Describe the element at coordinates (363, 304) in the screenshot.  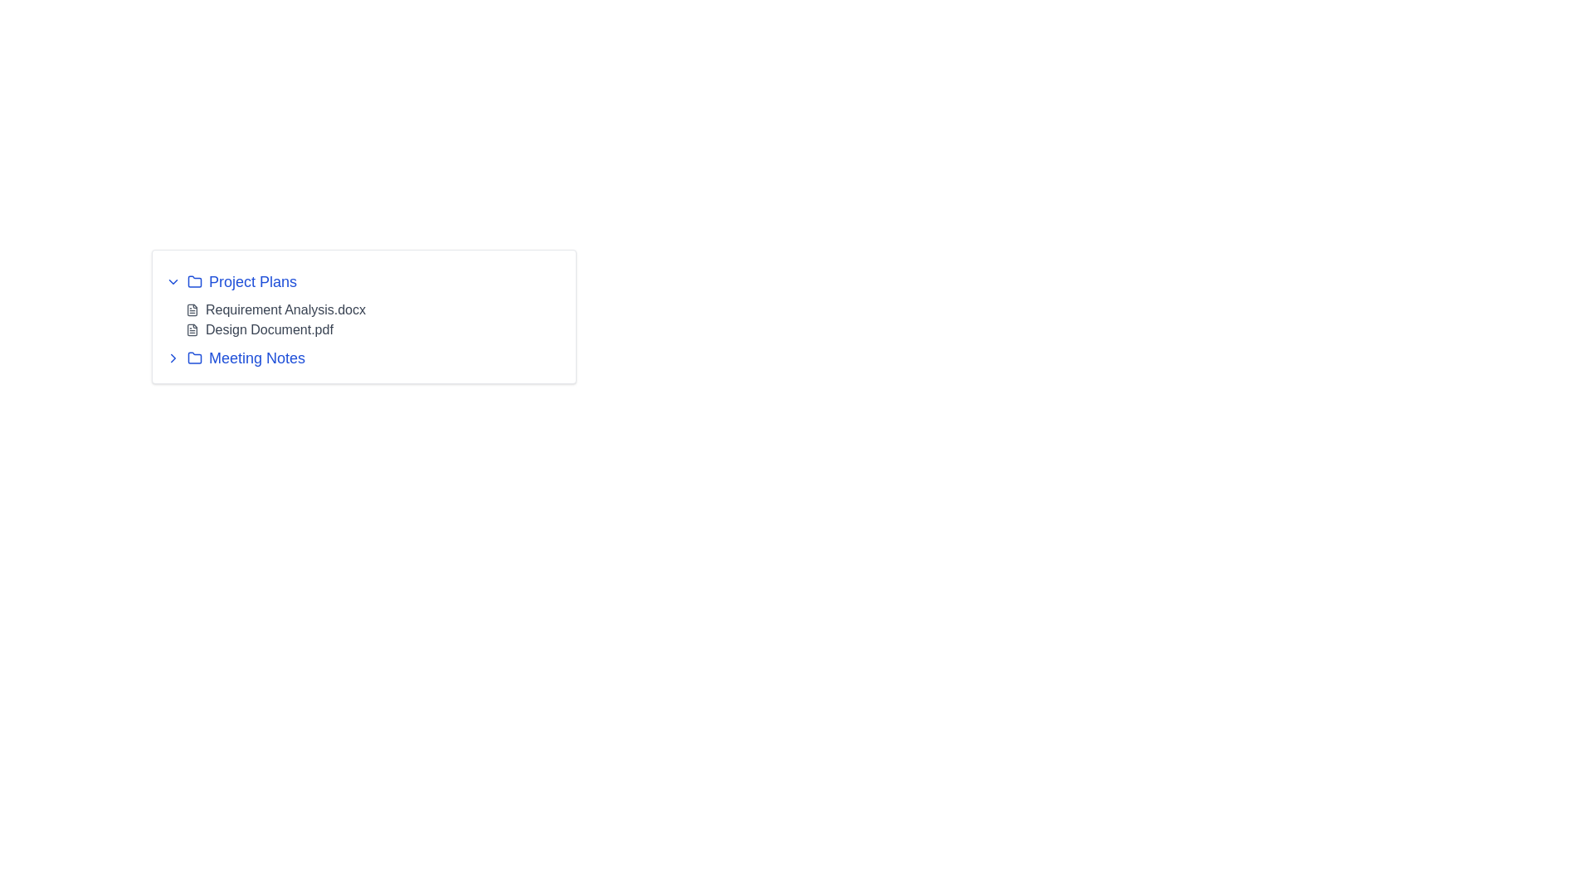
I see `the document name 'Requirement Analysis.docx' within the 'Project Plans' section` at that location.